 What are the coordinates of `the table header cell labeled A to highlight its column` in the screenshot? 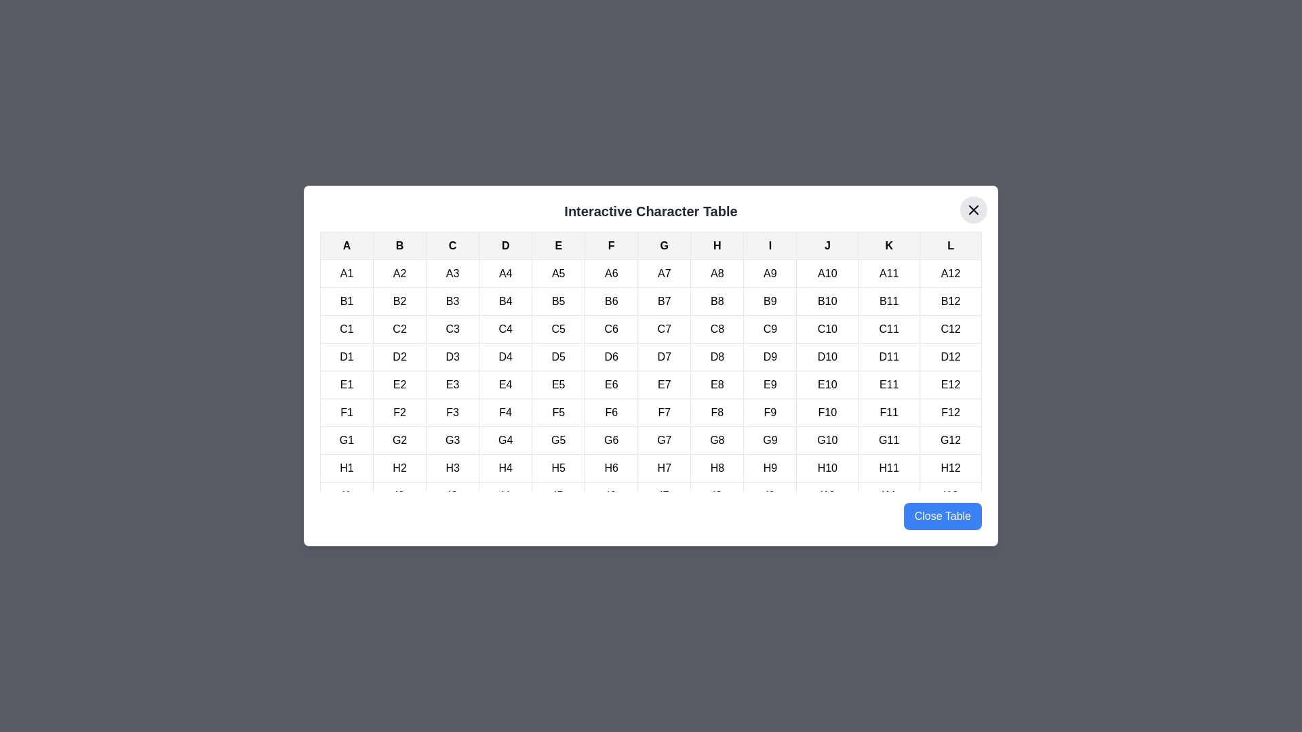 It's located at (347, 245).